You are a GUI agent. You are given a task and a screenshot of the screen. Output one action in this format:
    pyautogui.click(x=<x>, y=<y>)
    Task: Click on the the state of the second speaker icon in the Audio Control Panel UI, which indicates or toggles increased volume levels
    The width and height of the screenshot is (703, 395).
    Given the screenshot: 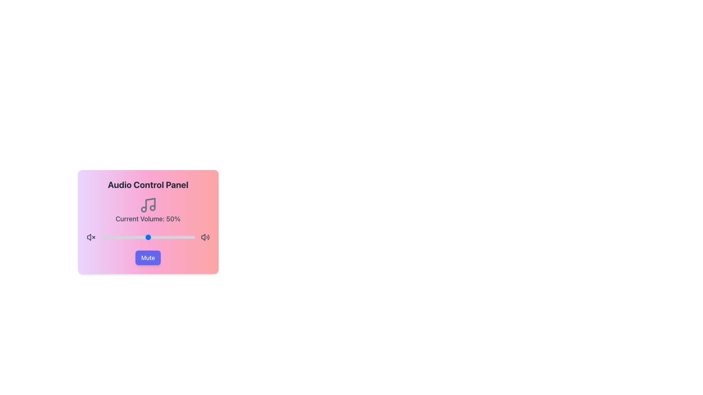 What is the action you would take?
    pyautogui.click(x=205, y=237)
    